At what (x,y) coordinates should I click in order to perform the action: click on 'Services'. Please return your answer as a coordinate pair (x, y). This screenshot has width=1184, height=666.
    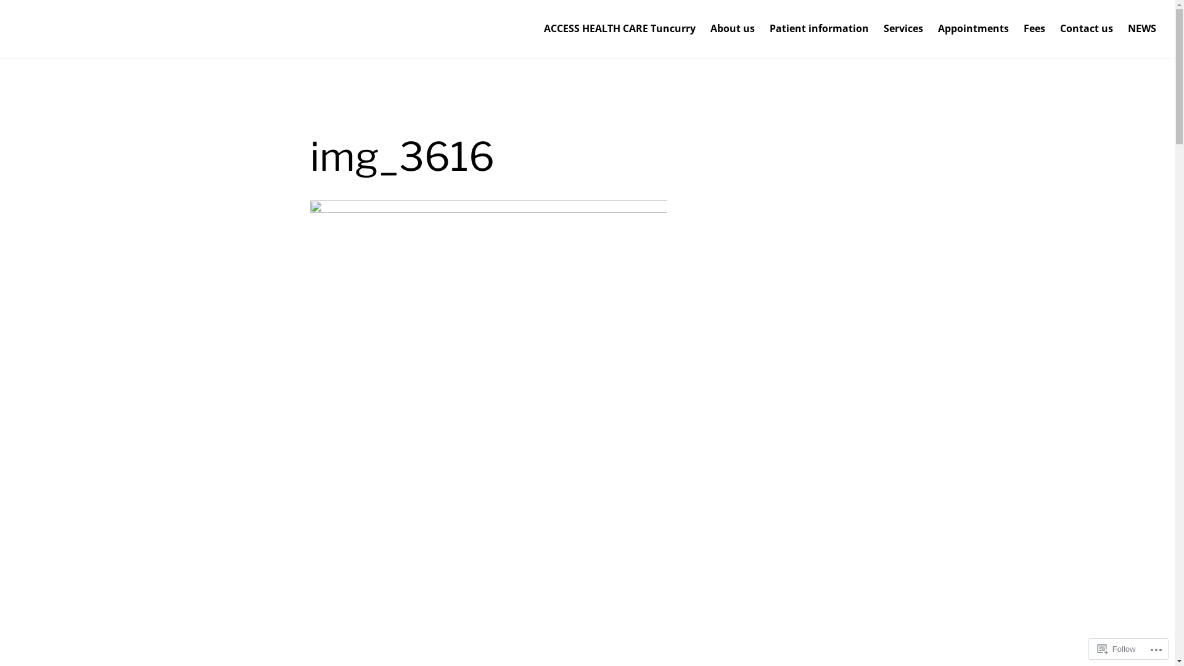
    Looking at the image, I should click on (903, 28).